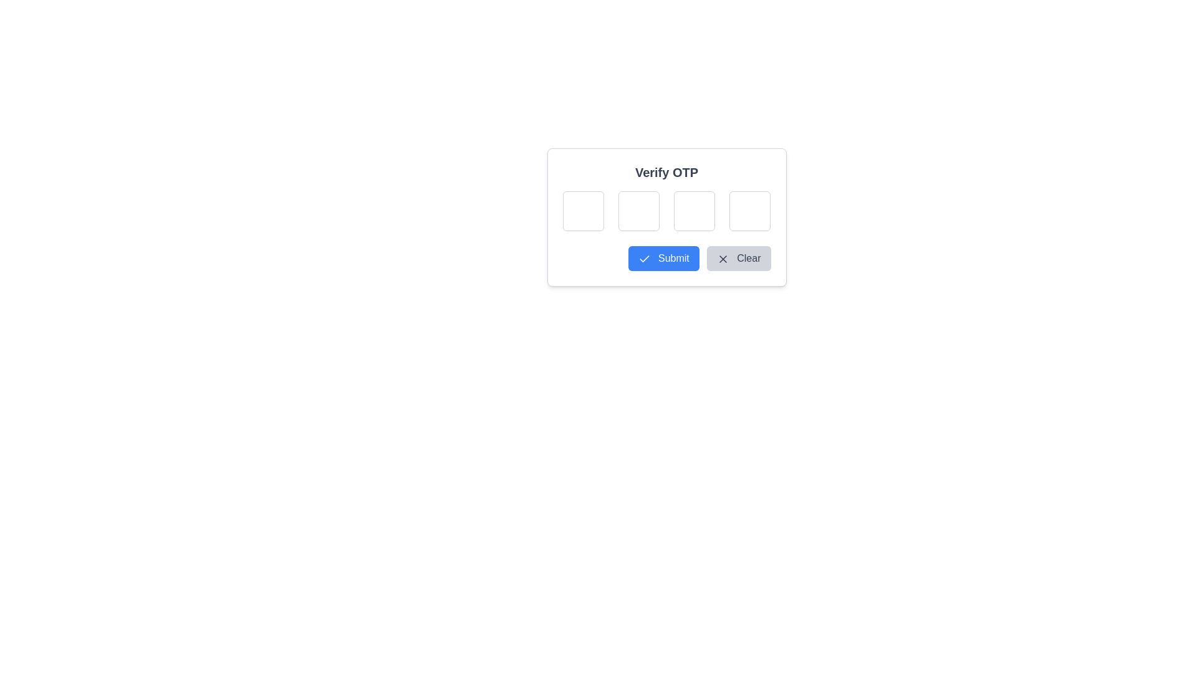 Image resolution: width=1197 pixels, height=673 pixels. I want to click on the 'Verify OTP' text label, which is styled in bold and large font, located at the top of the panel above the OTP input boxes and buttons, so click(666, 173).